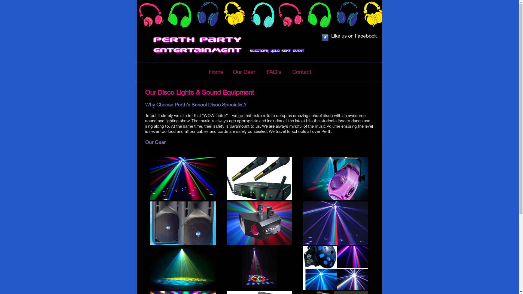 The height and width of the screenshot is (294, 523). I want to click on 'Waterwave Light', so click(183, 267).